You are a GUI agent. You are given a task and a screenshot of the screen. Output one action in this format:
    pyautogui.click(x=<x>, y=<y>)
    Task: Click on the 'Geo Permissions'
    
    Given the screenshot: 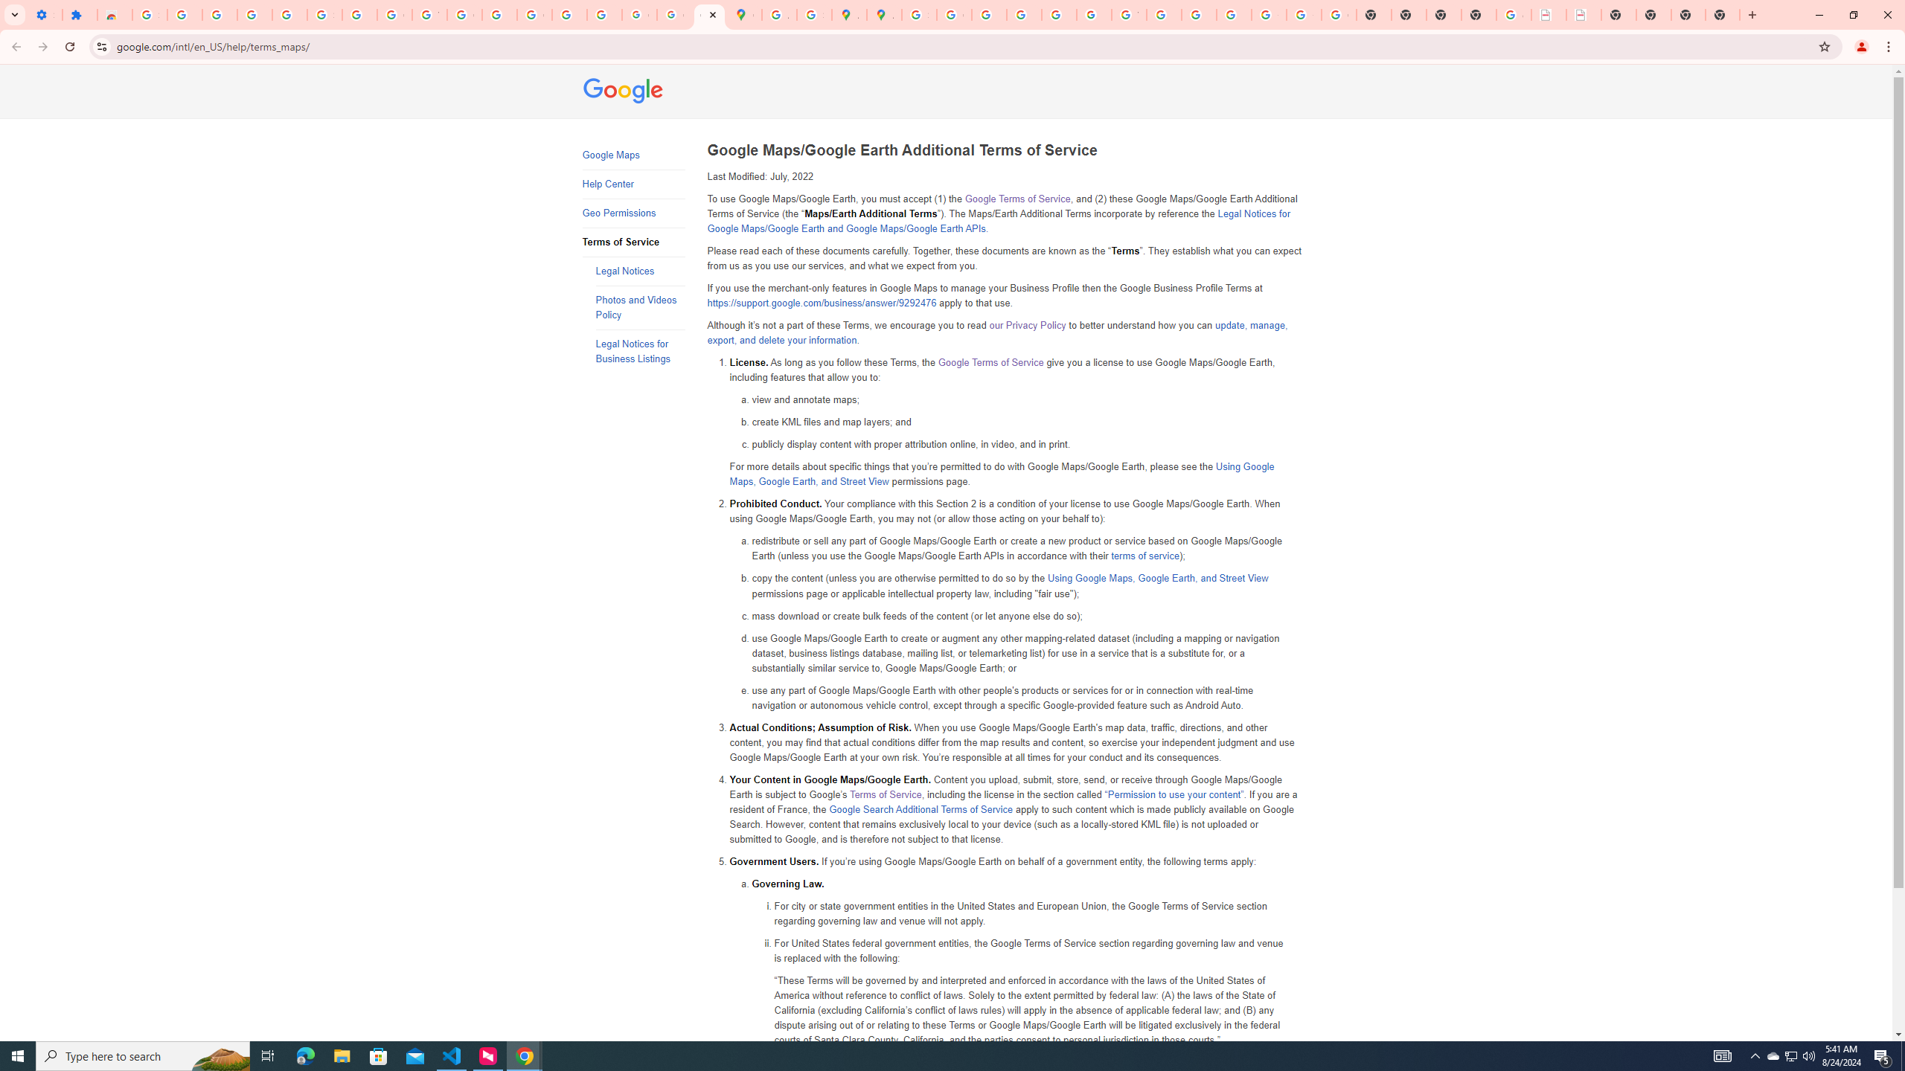 What is the action you would take?
    pyautogui.click(x=633, y=213)
    